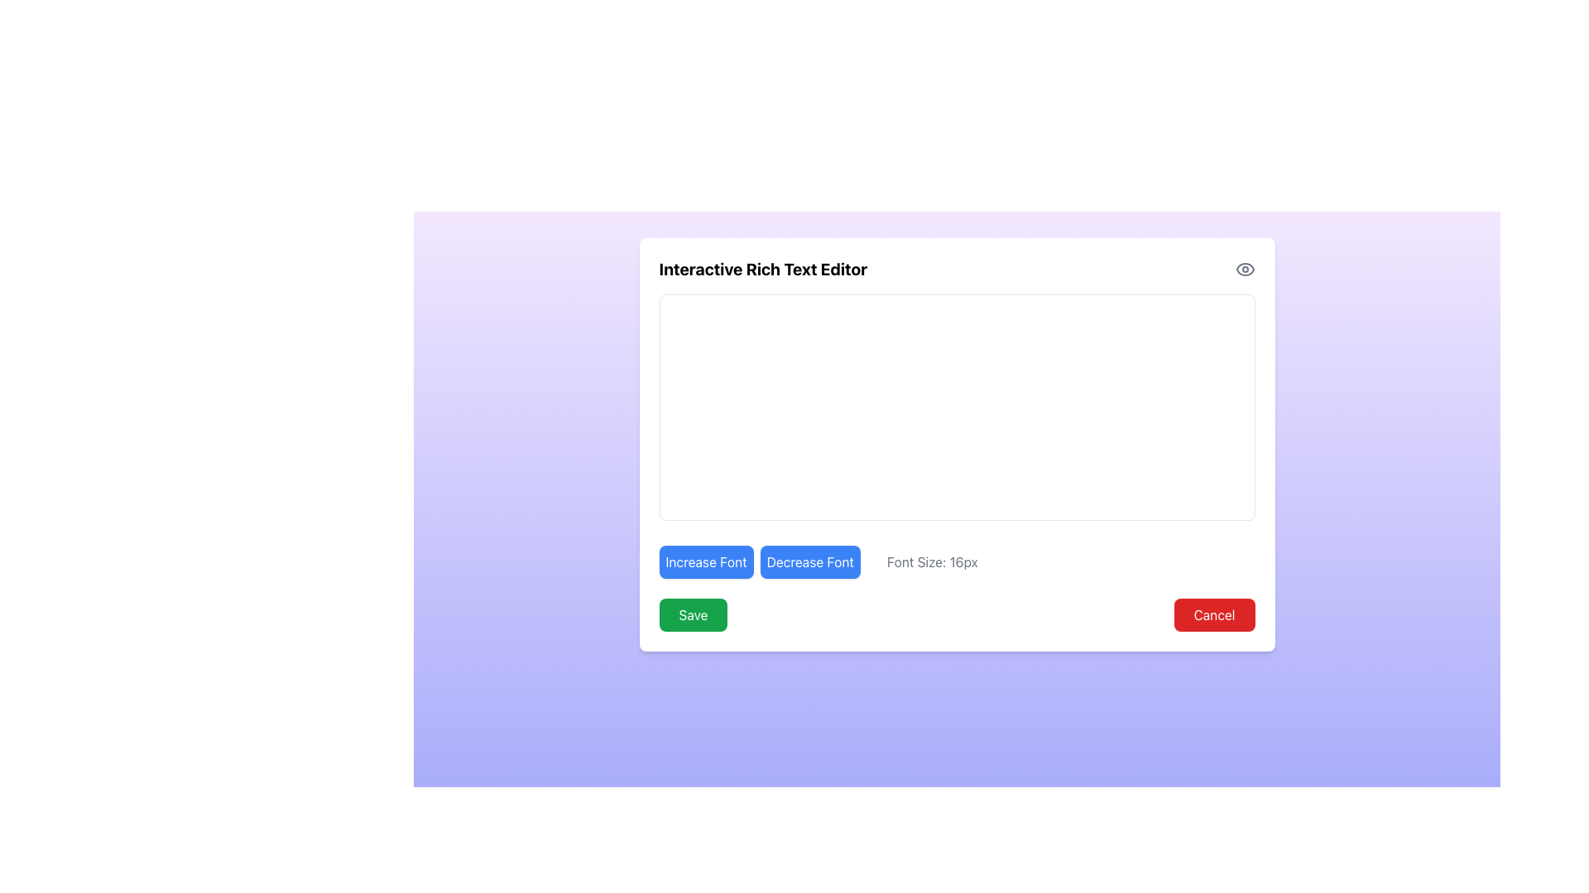 The height and width of the screenshot is (893, 1589). What do you see at coordinates (762, 269) in the screenshot?
I see `the text label displaying 'Interactive Rich Text Editor', which is bold and positioned at the upper part of a panel, aligned to the left side` at bounding box center [762, 269].